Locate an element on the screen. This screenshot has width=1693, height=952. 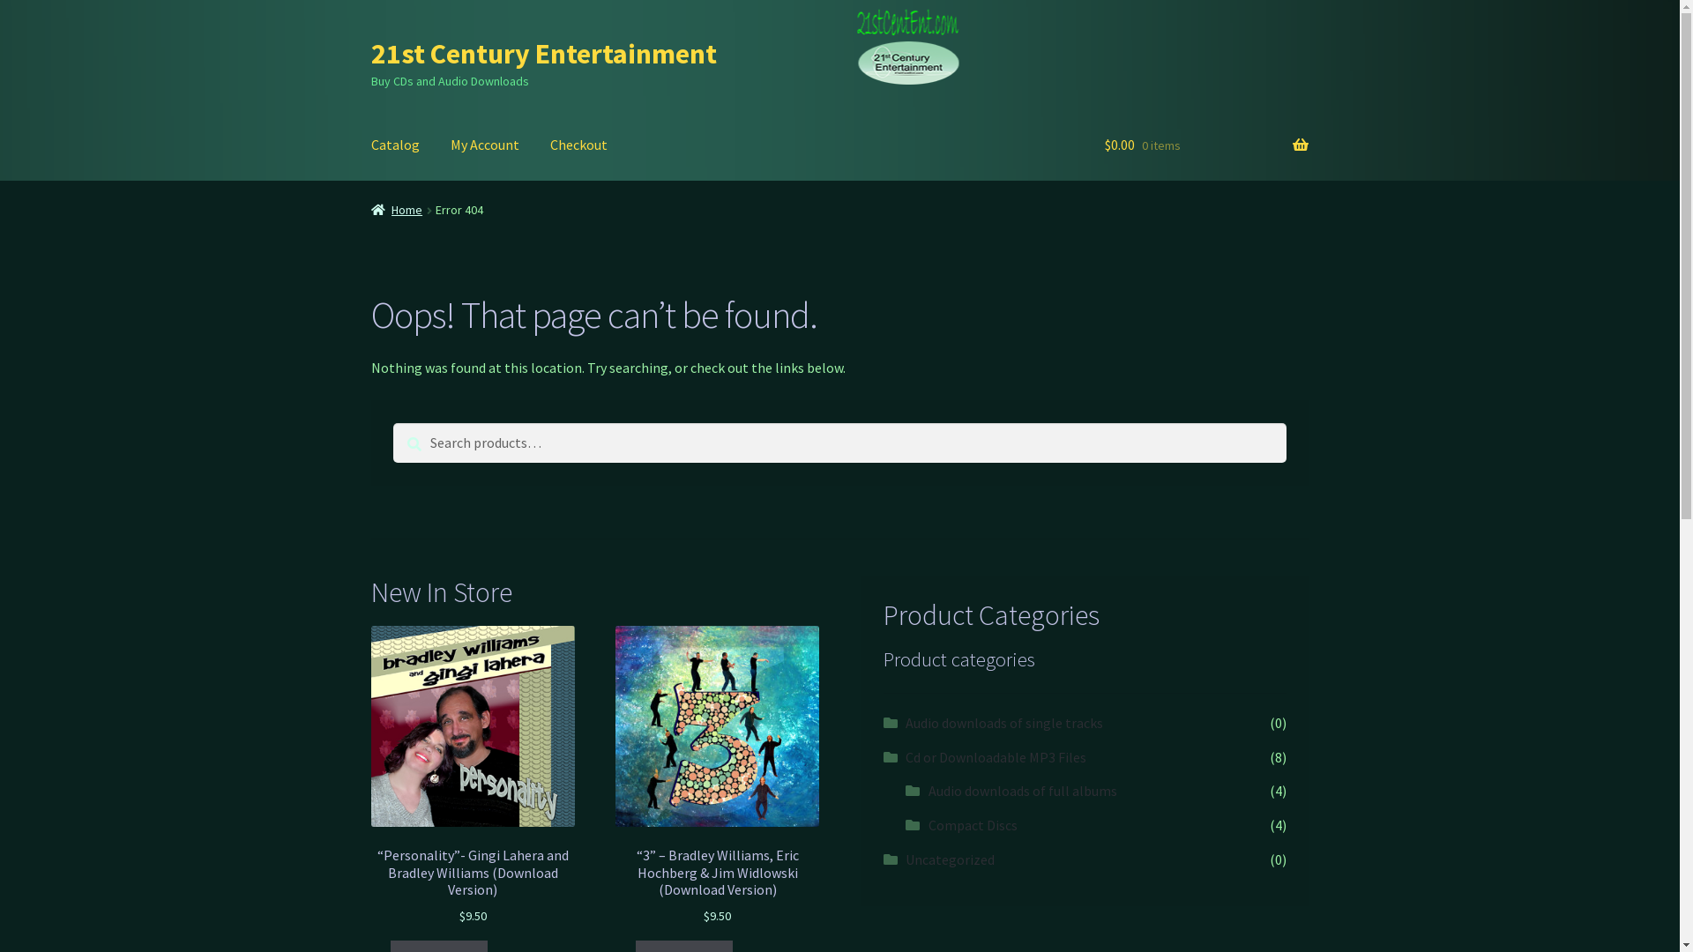
'Home' is located at coordinates (396, 209).